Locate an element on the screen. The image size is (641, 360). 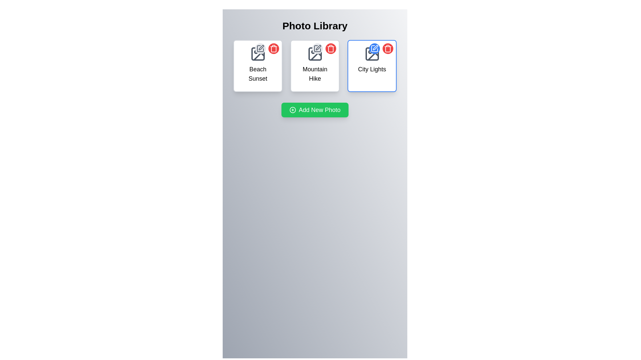
the edit icon button located in the top-left corner of the 'City Lights' card, which allows users to modify the associated photo is located at coordinates (375, 47).